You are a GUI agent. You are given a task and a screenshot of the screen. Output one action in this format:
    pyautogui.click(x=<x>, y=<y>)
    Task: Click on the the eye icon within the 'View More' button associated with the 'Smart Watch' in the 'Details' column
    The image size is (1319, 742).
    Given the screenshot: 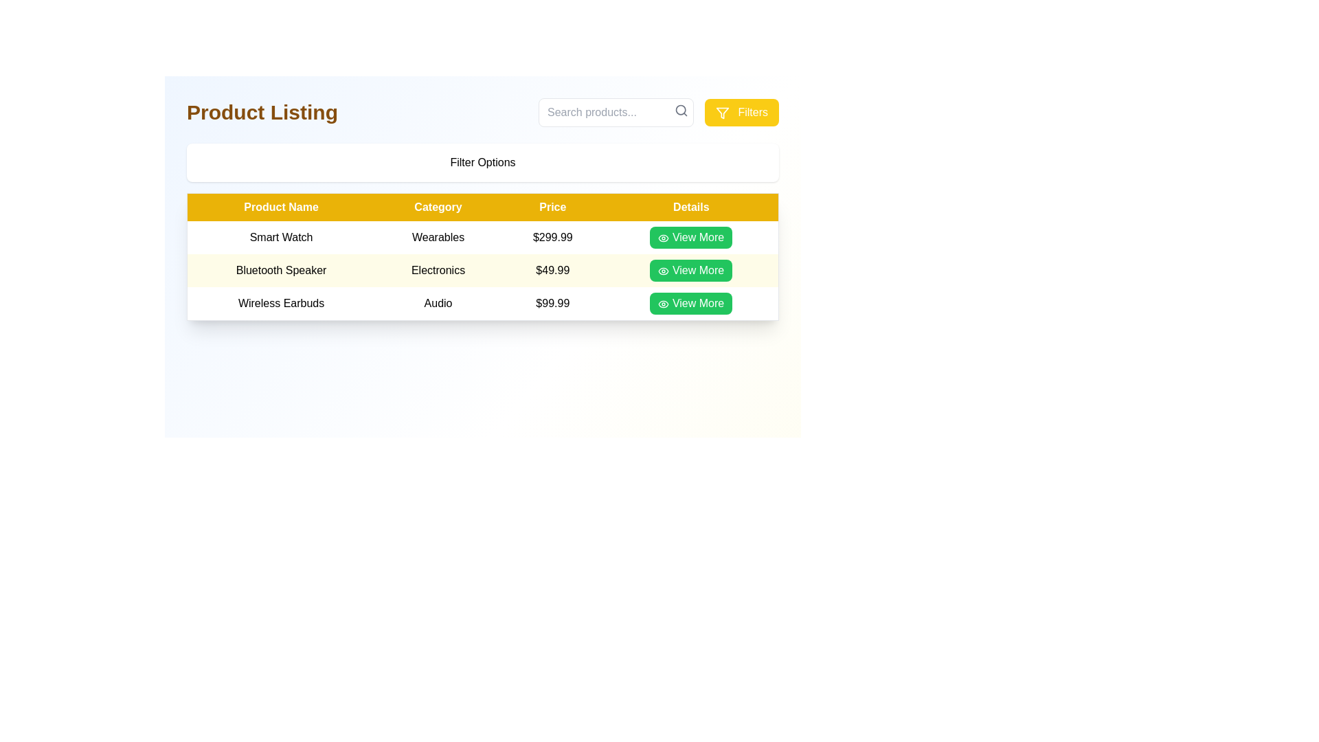 What is the action you would take?
    pyautogui.click(x=664, y=237)
    